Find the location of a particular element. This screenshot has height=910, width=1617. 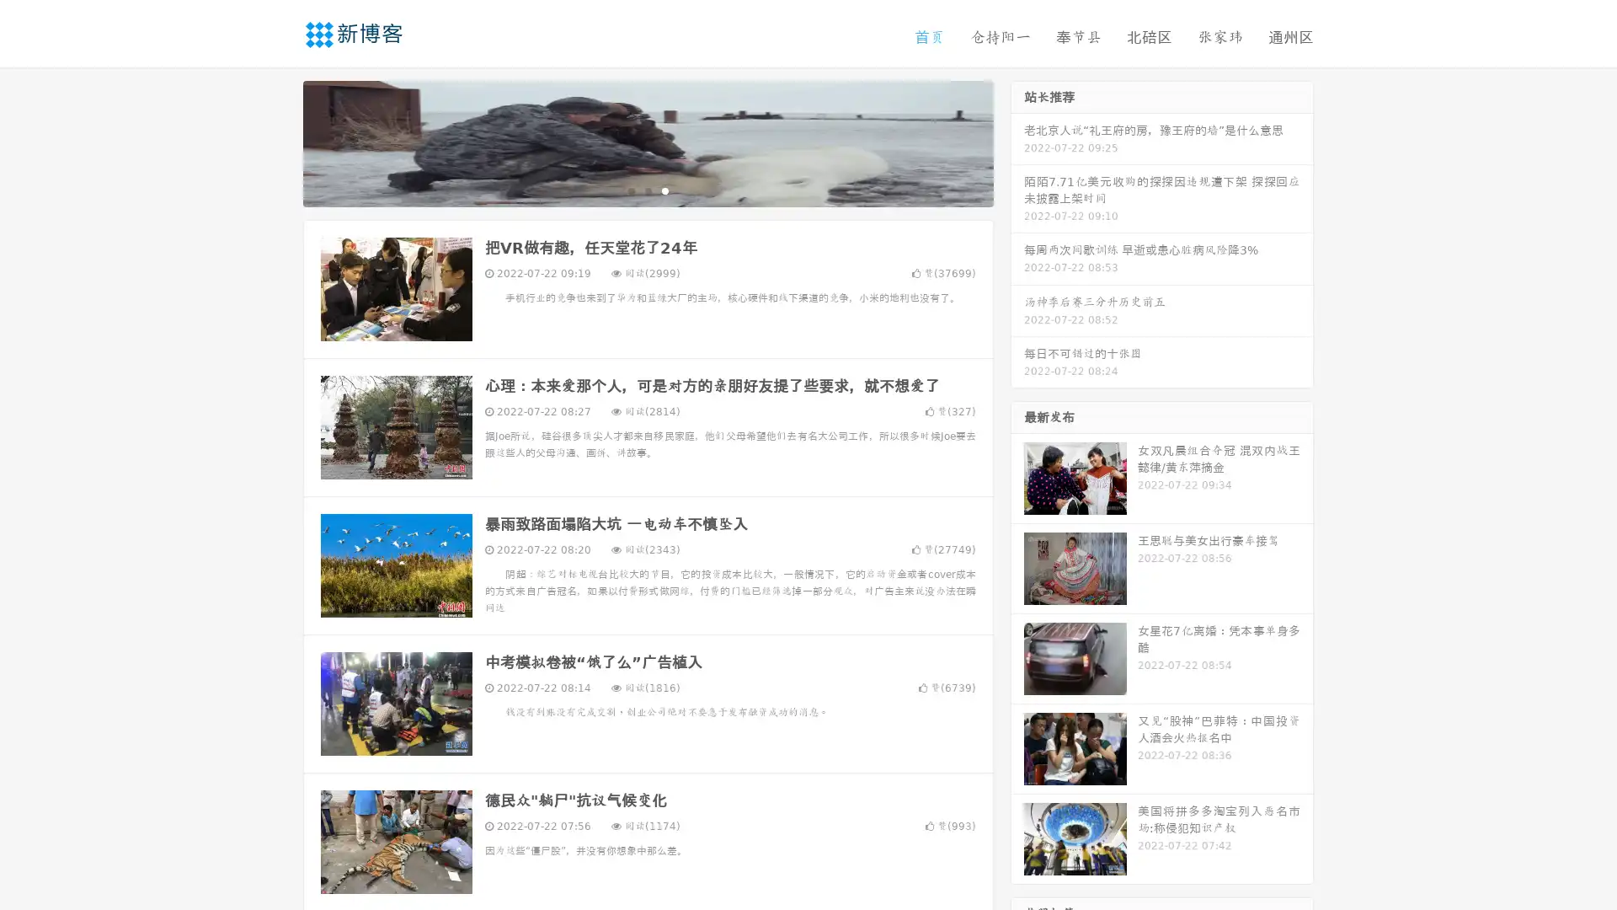

Go to slide 2 is located at coordinates (647, 190).